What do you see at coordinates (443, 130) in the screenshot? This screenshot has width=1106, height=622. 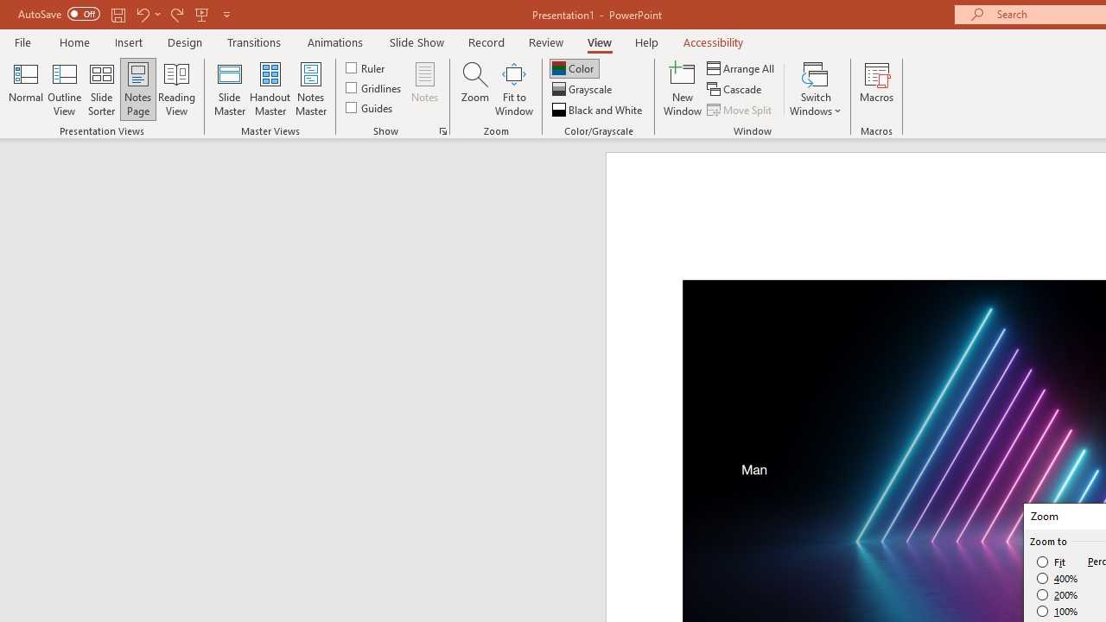 I see `'Grid Settings...'` at bounding box center [443, 130].